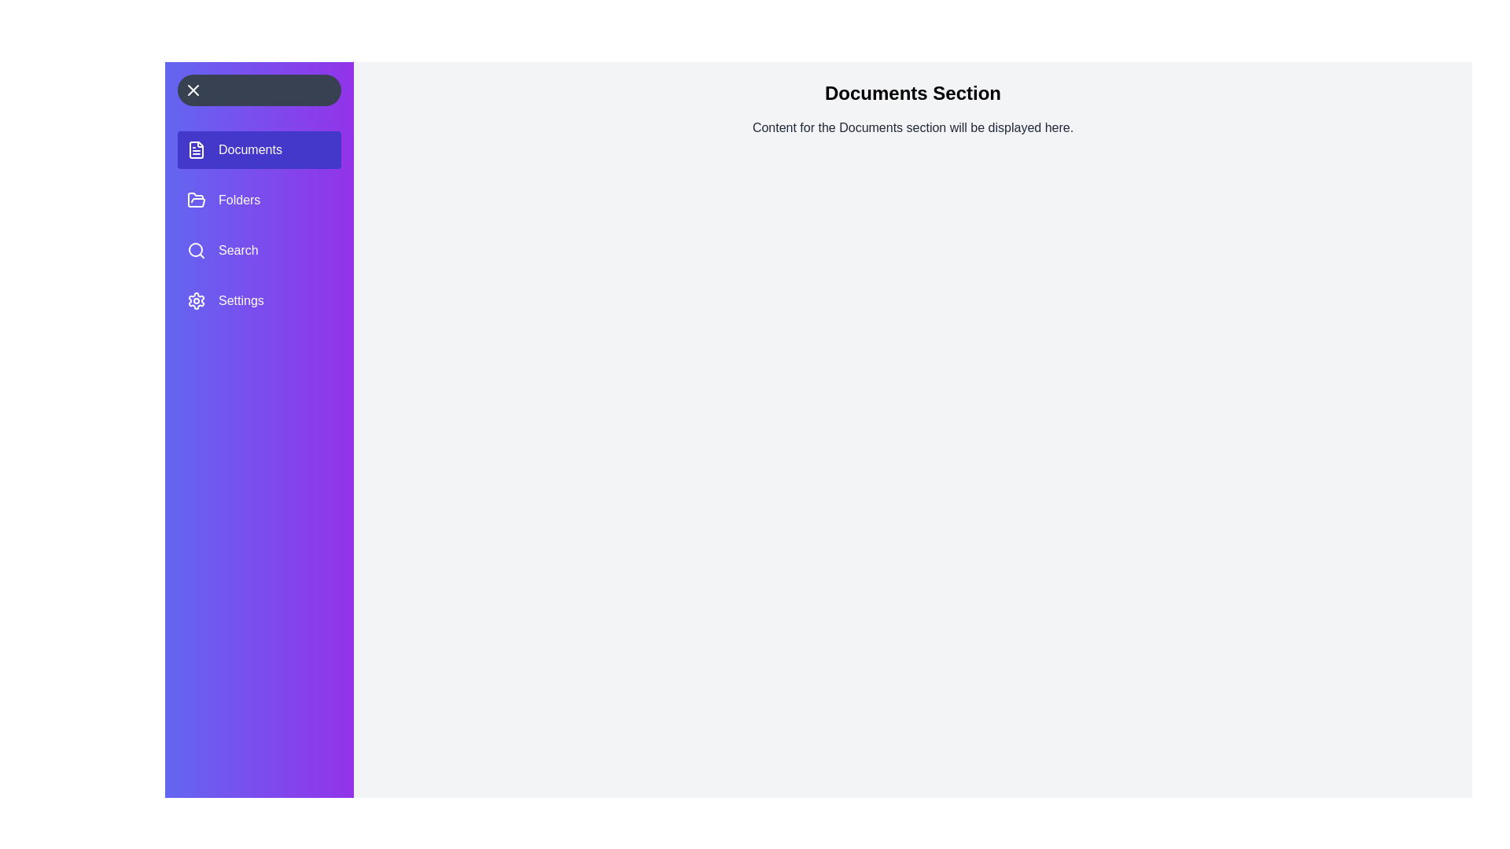 This screenshot has height=849, width=1510. I want to click on the toggle button to toggle the navigation drawer open or closed, so click(260, 90).